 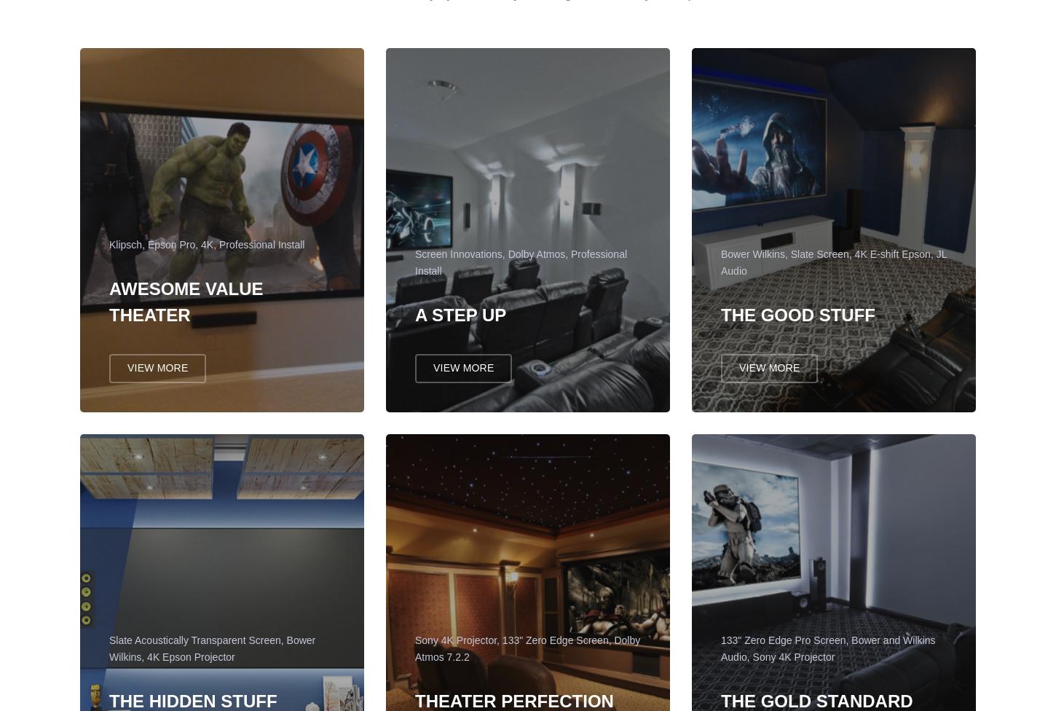 I want to click on 'Sony 4K Projector, 133" Zero Edge Screen, Dolby Atmos 7.2.2', so click(x=527, y=655).